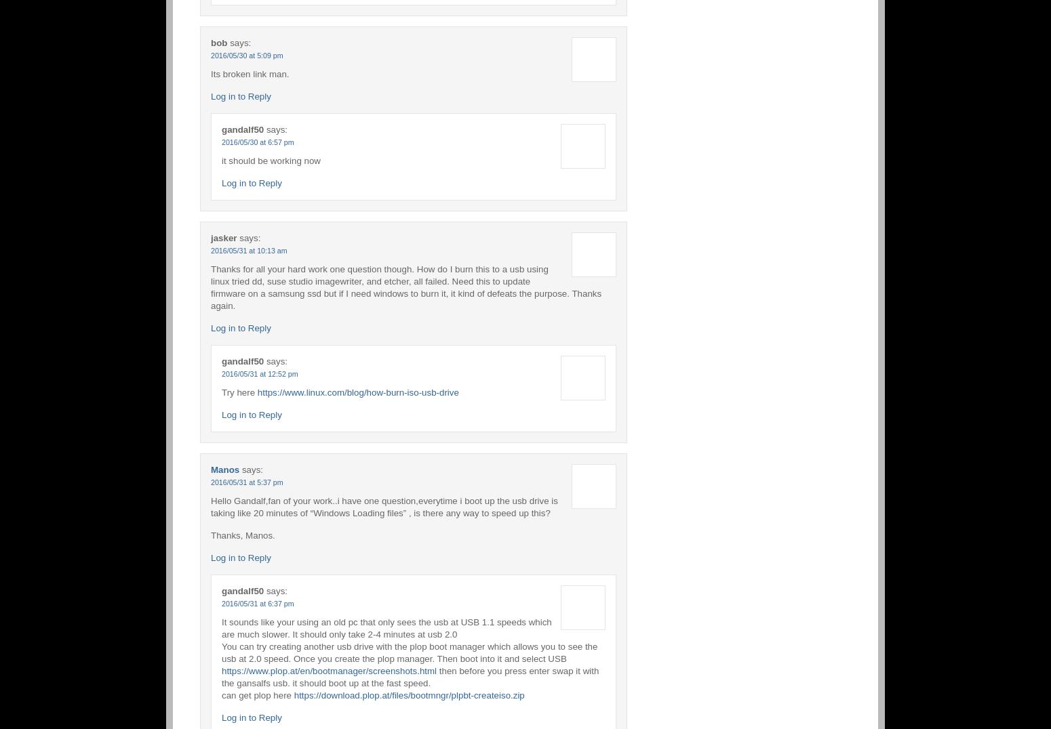  What do you see at coordinates (271, 160) in the screenshot?
I see `'it should be working now'` at bounding box center [271, 160].